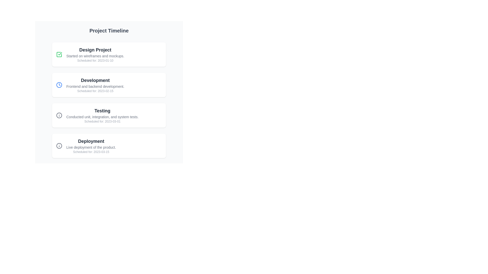 The width and height of the screenshot is (488, 274). I want to click on the text element that reads 'Conducted unit, integration, and system tests.' located in the third item under the 'Project Timeline' header, positioned below 'Testing', so click(102, 117).